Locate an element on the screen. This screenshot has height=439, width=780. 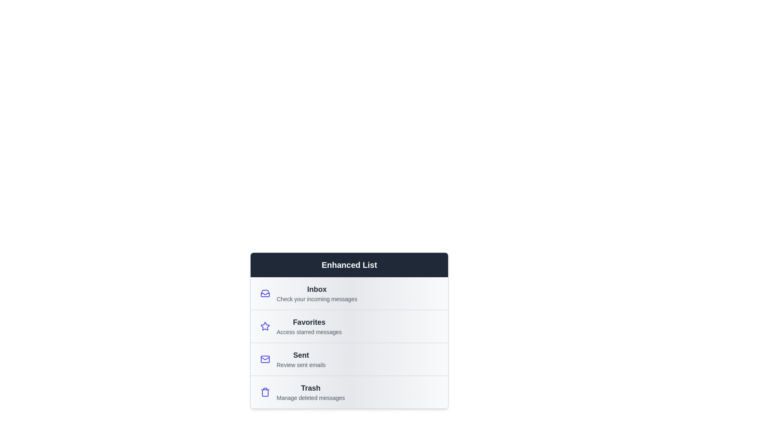
the first List Item titled 'Inbox' in the 'Enhanced List' menu, which features an indigo inbox icon and bolded dark gray text is located at coordinates (349, 293).